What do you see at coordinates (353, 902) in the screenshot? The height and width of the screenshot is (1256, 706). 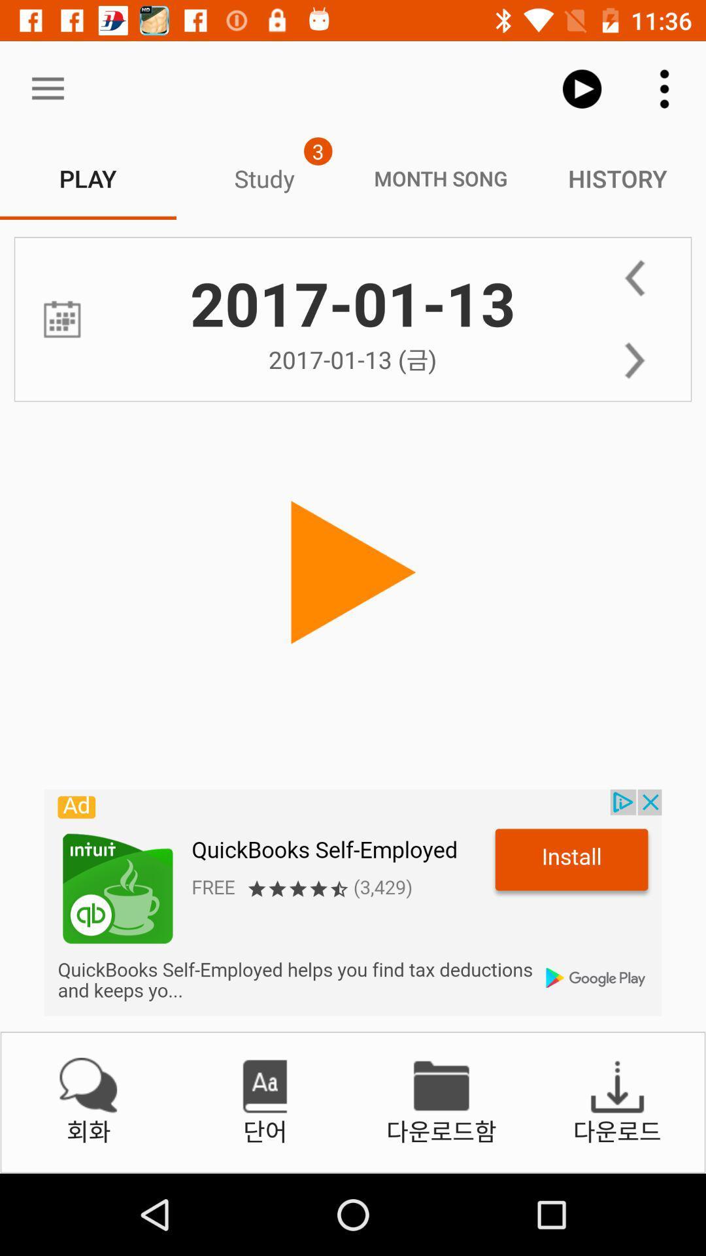 I see `advertisement banner` at bounding box center [353, 902].